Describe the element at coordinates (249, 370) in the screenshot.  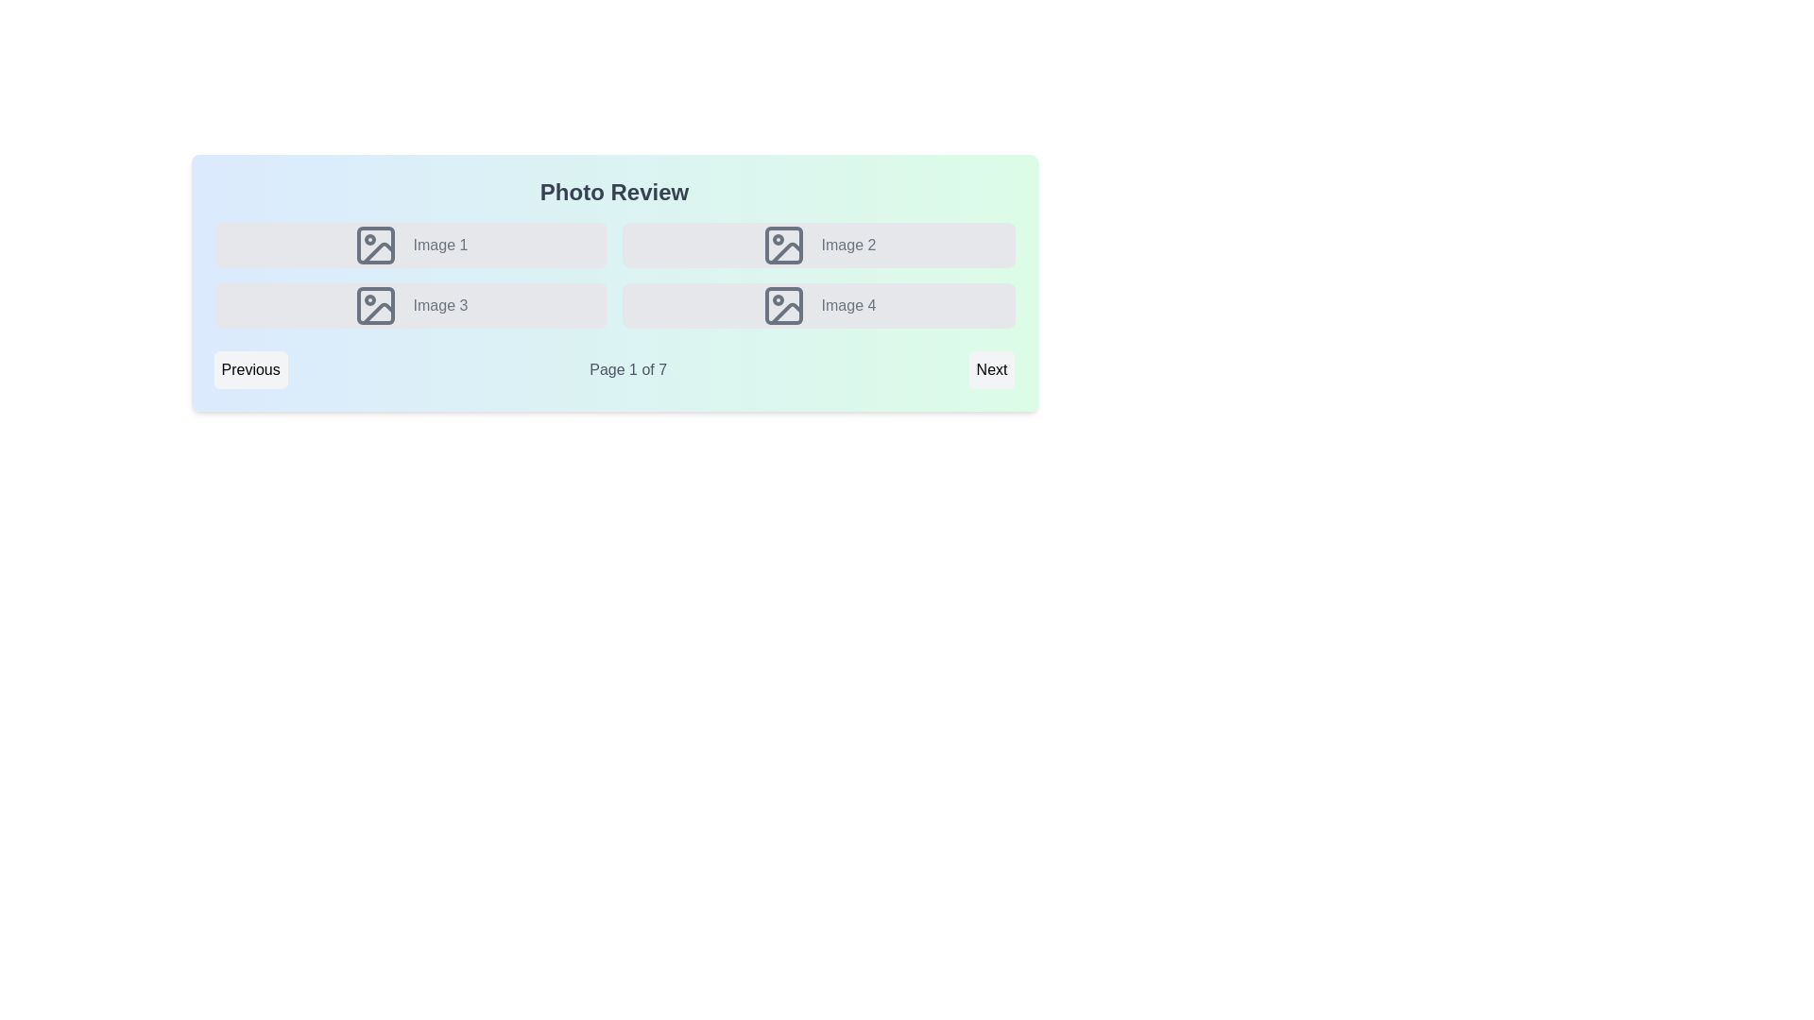
I see `the 'Previous' button located at the bottom-left corner of the pagination system for accessibility navigation` at that location.